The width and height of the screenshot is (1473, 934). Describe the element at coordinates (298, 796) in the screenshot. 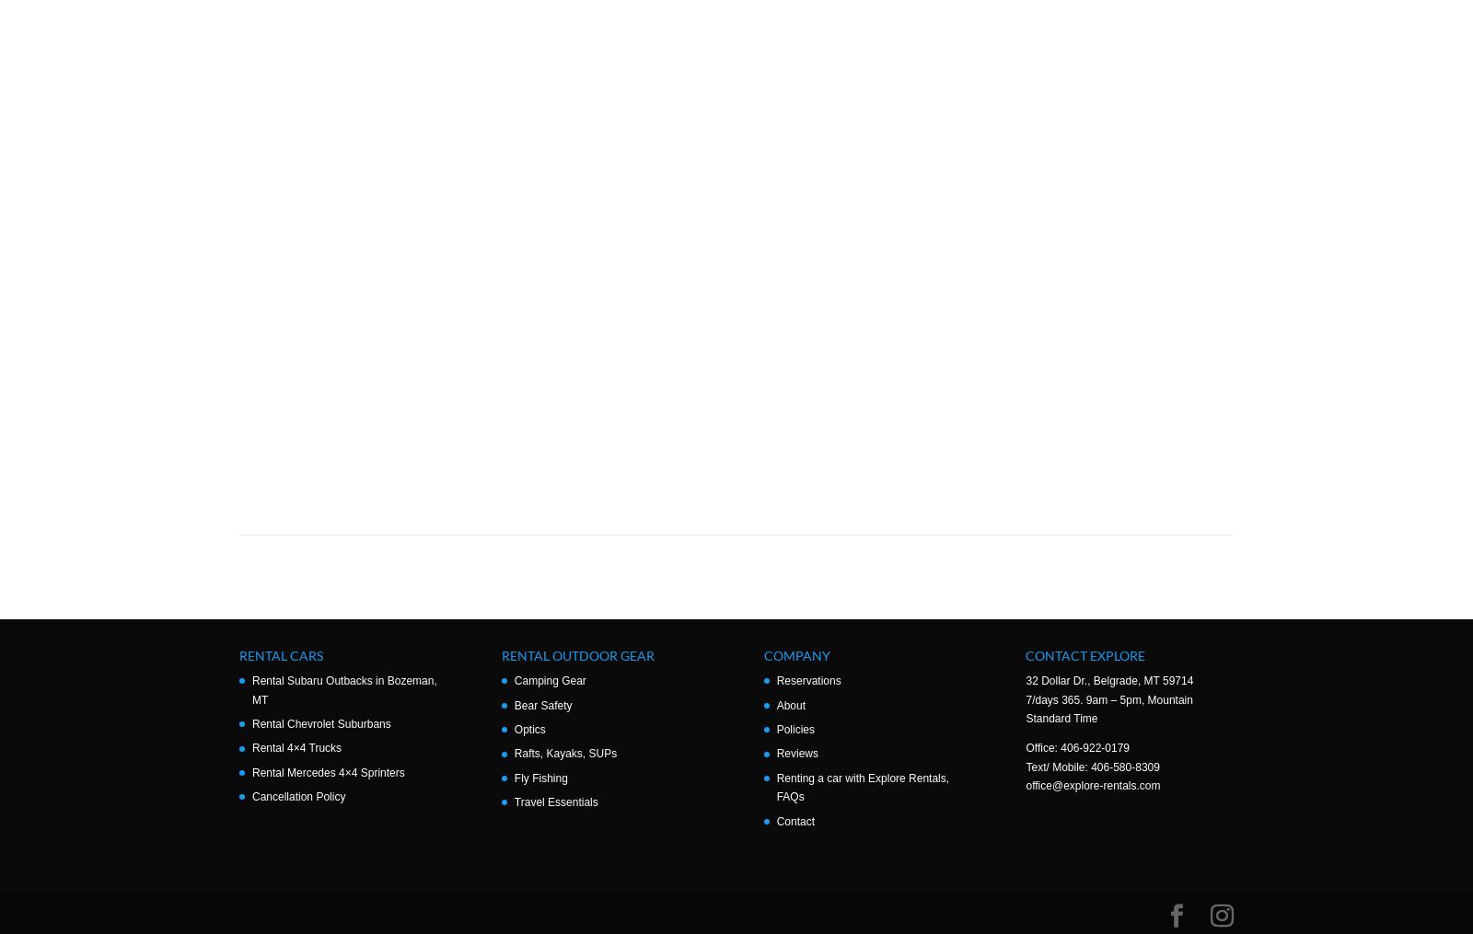

I see `'Cancellation Policy'` at that location.